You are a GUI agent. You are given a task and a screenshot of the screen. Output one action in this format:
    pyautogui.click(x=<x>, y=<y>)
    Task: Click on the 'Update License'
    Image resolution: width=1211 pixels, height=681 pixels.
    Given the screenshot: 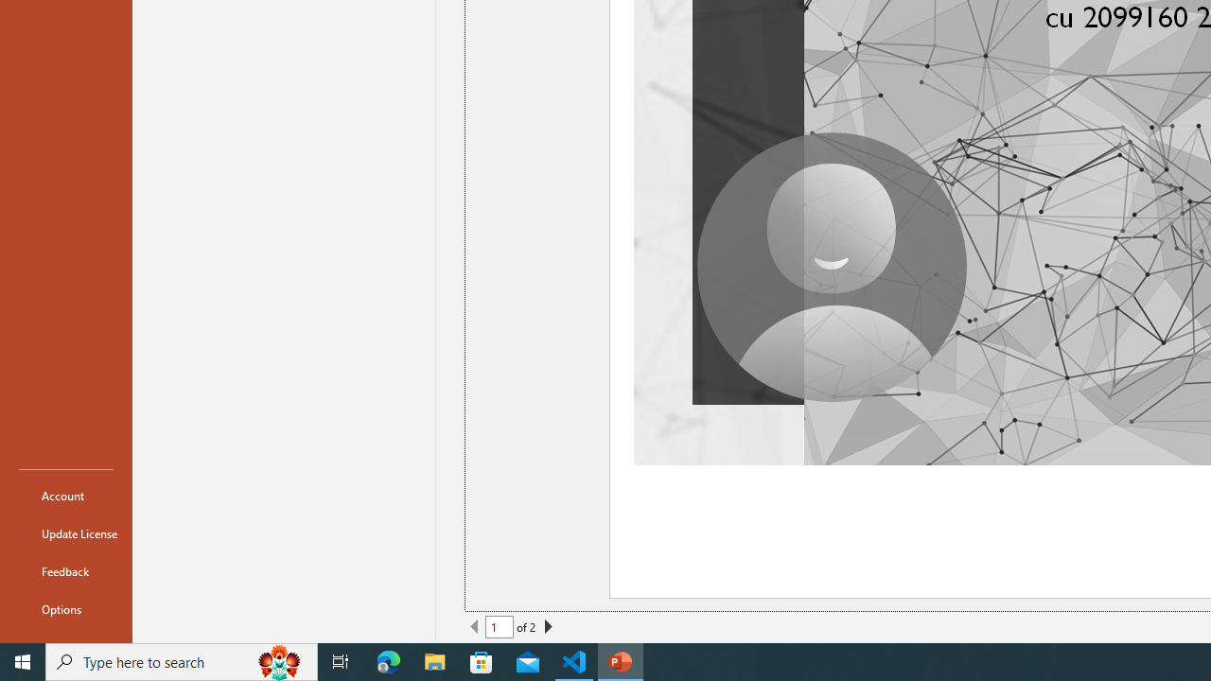 What is the action you would take?
    pyautogui.click(x=65, y=533)
    